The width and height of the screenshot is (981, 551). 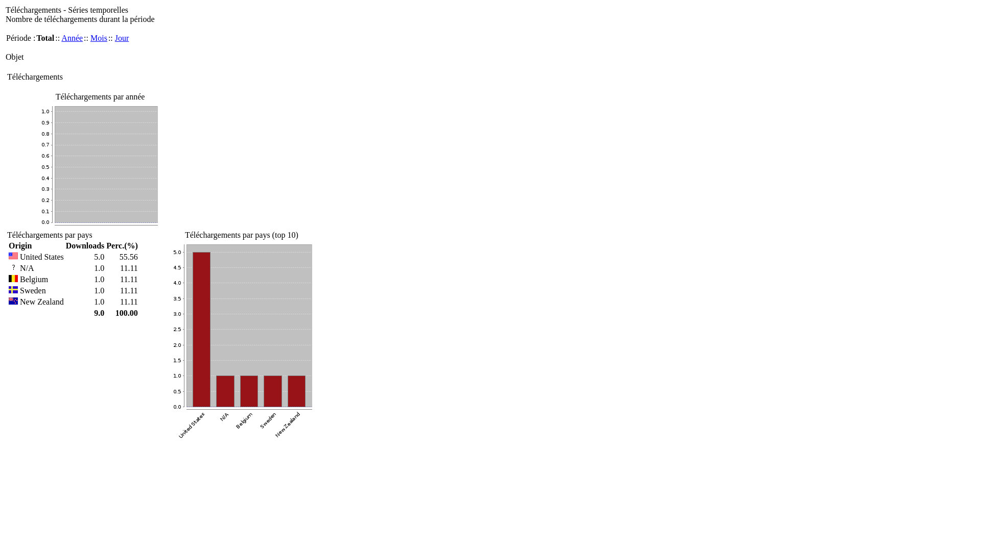 I want to click on 'Mois', so click(x=99, y=37).